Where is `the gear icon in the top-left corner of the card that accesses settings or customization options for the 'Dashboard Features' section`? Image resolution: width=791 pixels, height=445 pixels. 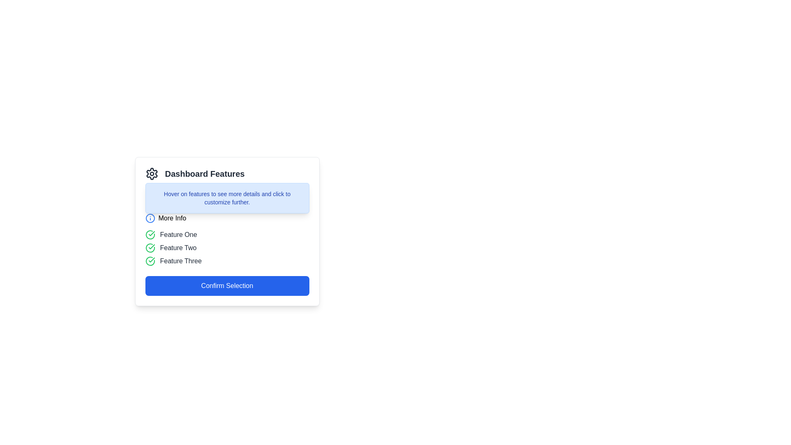 the gear icon in the top-left corner of the card that accesses settings or customization options for the 'Dashboard Features' section is located at coordinates (152, 173).